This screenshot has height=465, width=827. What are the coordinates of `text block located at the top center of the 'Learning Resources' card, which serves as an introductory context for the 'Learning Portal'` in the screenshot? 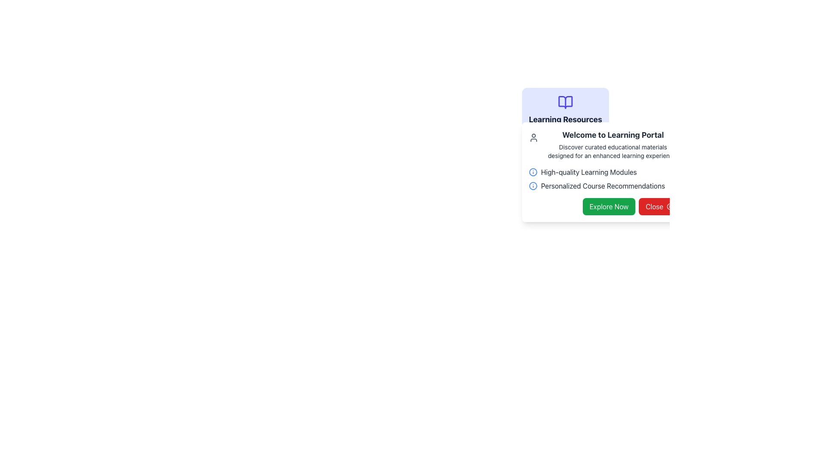 It's located at (612, 144).